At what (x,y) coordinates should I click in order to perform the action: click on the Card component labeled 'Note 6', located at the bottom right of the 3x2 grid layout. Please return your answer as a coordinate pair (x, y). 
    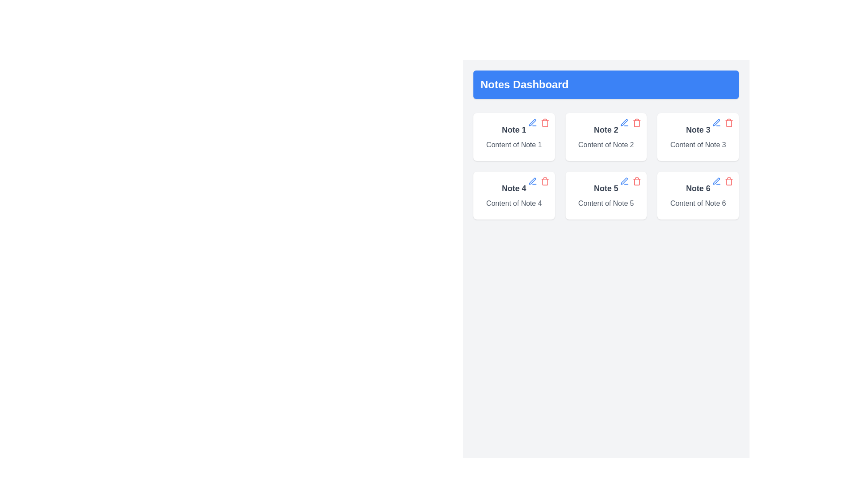
    Looking at the image, I should click on (698, 195).